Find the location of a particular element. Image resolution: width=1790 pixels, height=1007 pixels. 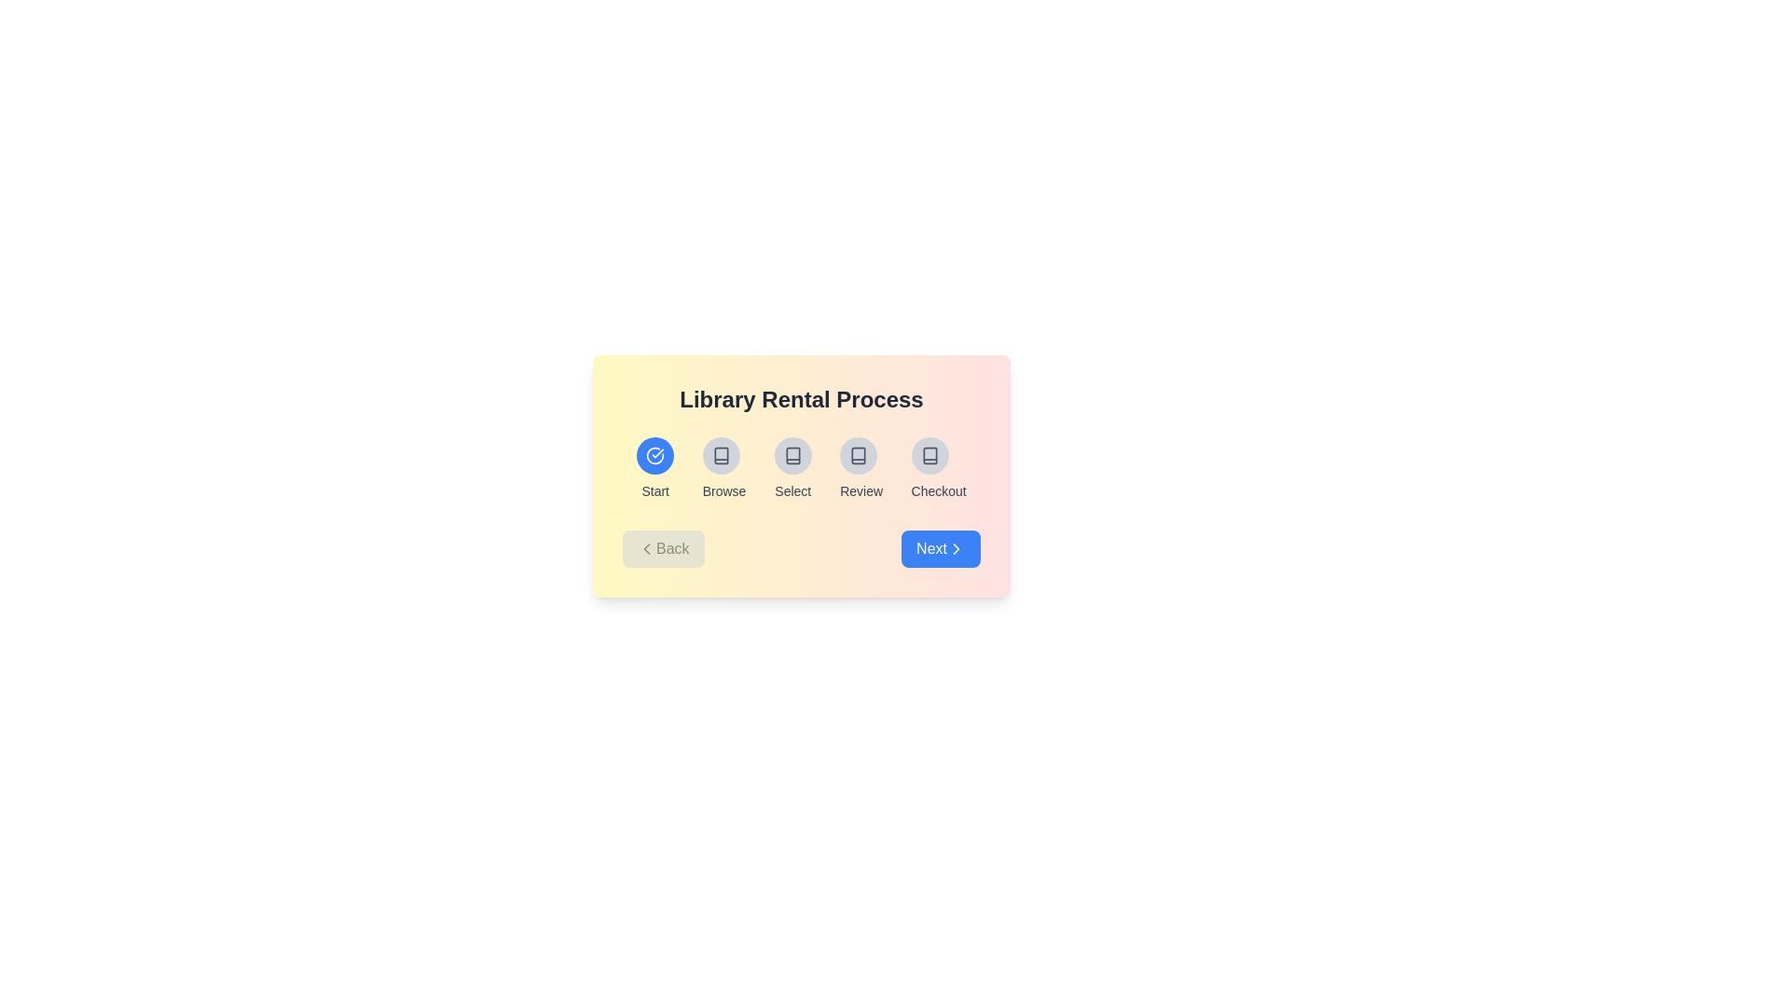

'Next' button to navigate to the next stage is located at coordinates (941, 548).